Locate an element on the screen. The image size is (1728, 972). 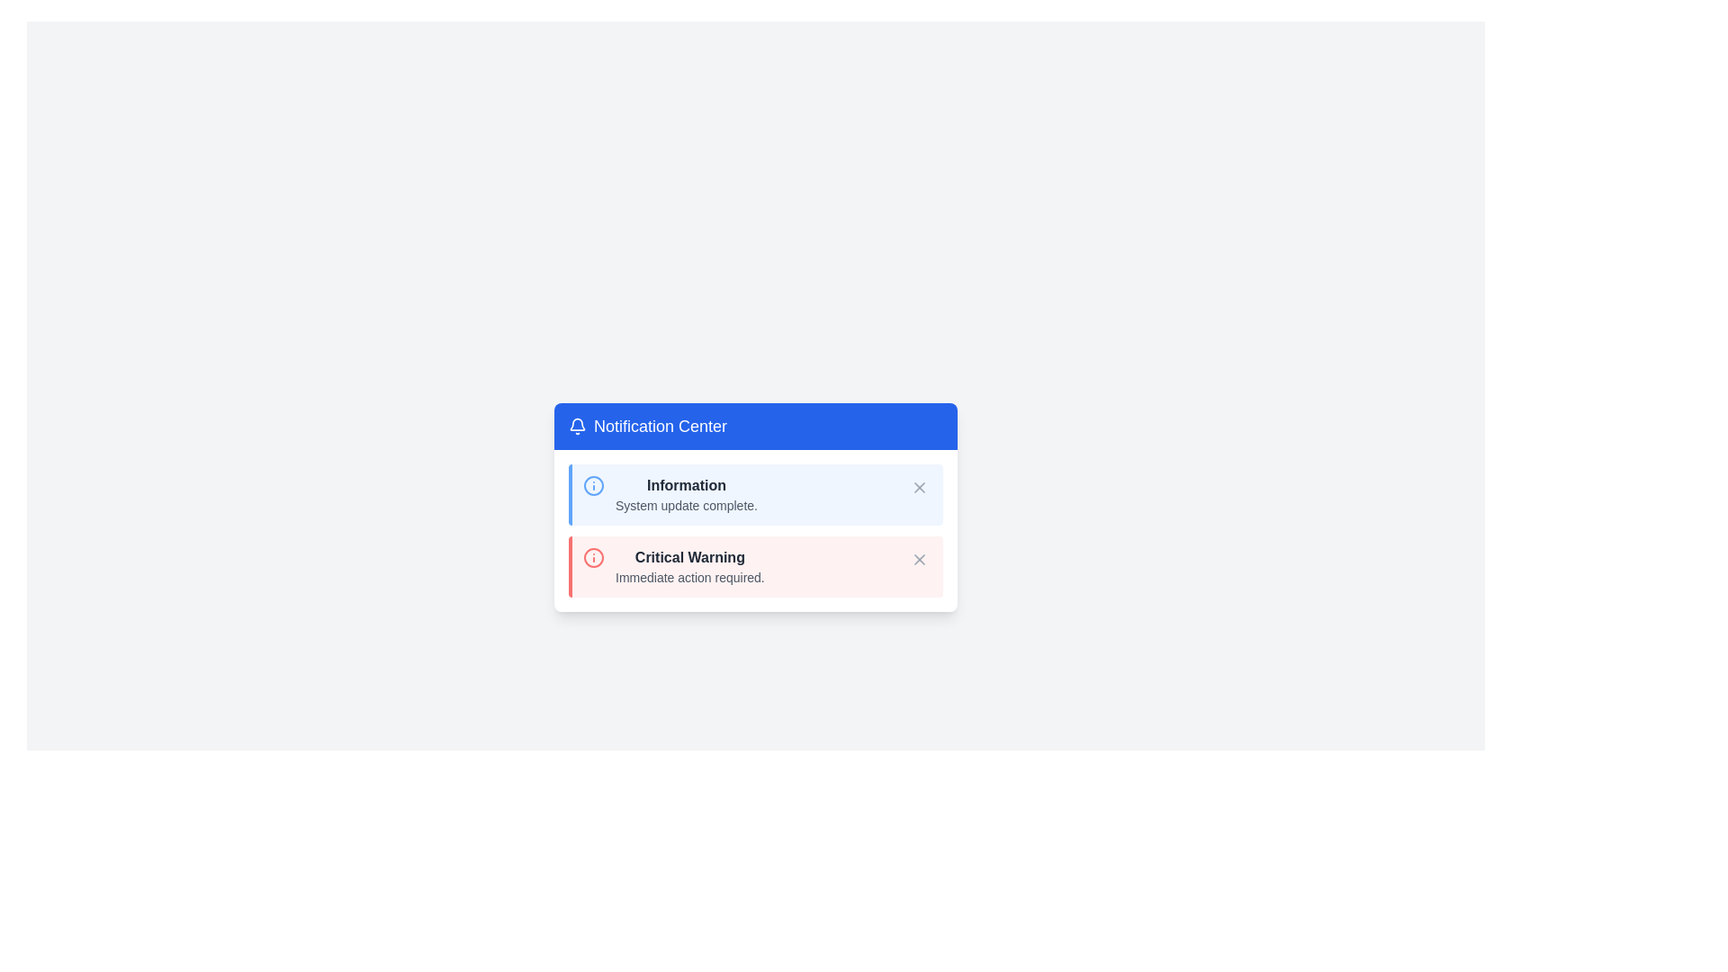
the text block within the notification card that displays 'Information' and 'System update complete.' is located at coordinates (686, 495).